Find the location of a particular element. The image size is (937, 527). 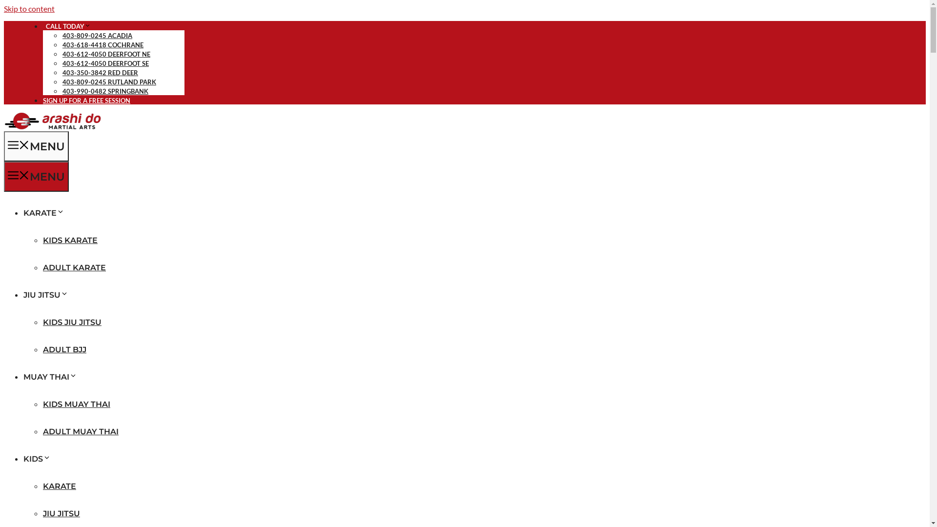

'KIDS JIU JITSU' is located at coordinates (42, 322).